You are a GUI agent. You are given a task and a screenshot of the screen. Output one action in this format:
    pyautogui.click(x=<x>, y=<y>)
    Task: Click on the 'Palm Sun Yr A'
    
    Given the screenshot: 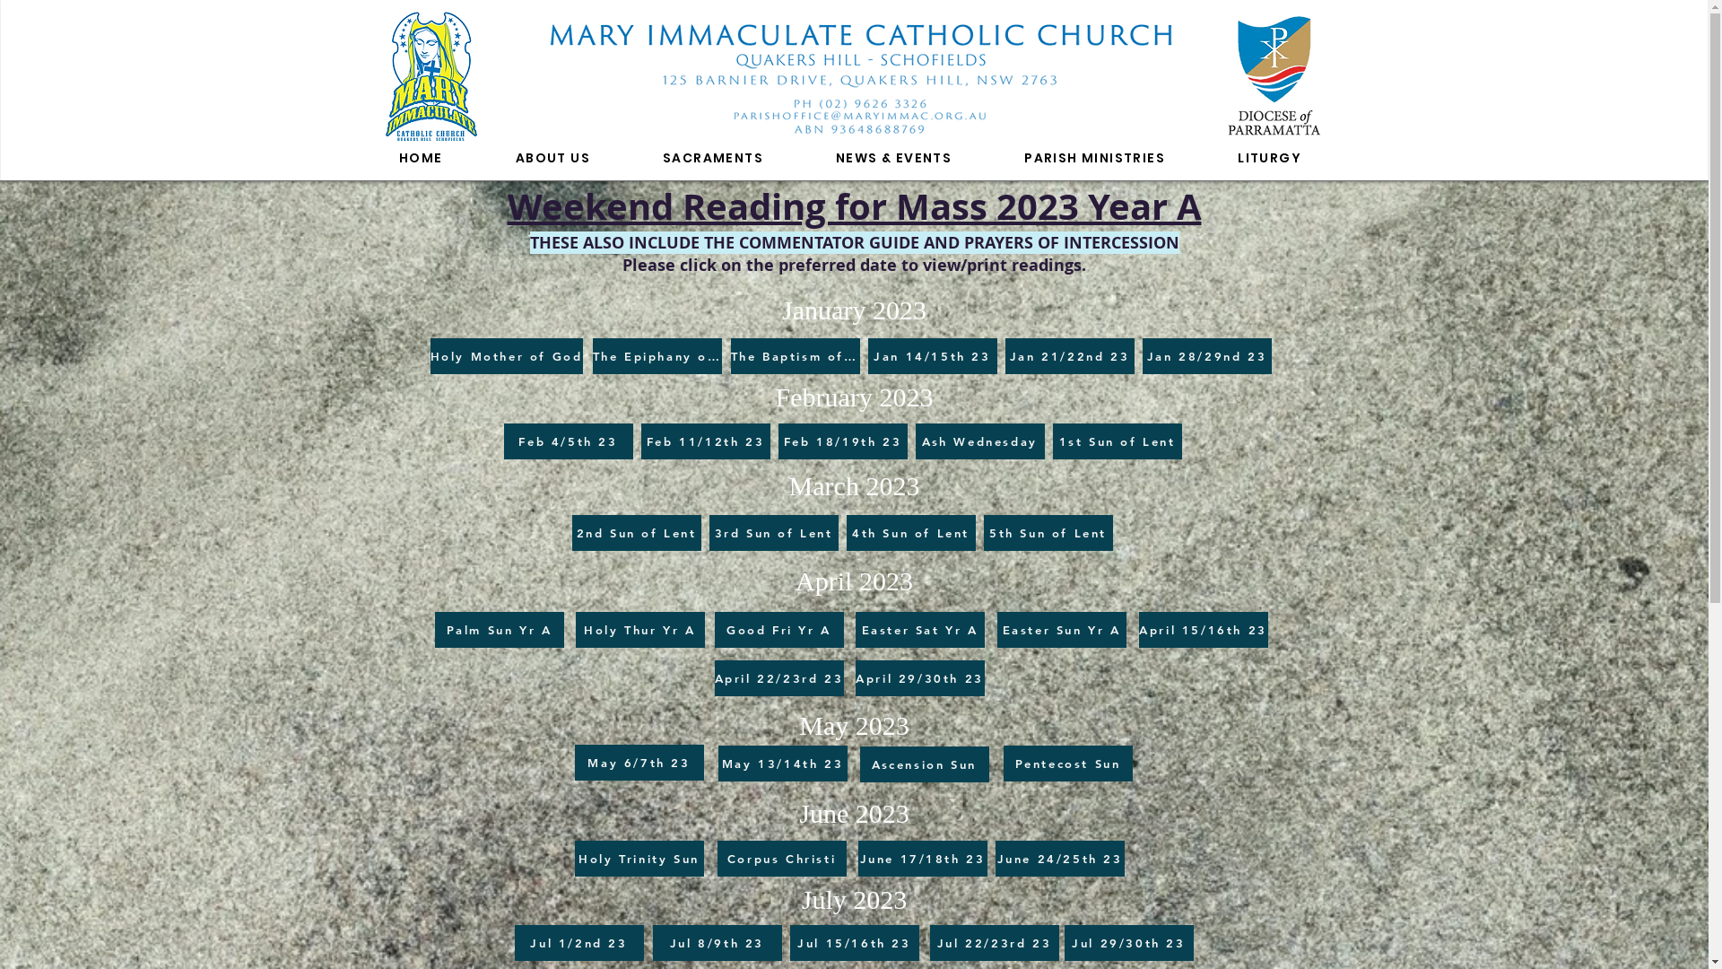 What is the action you would take?
    pyautogui.click(x=499, y=629)
    